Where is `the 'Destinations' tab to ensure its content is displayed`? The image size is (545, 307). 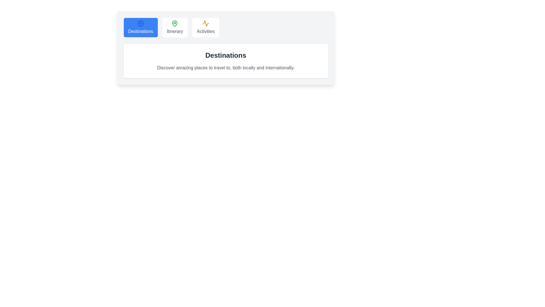
the 'Destinations' tab to ensure its content is displayed is located at coordinates (140, 27).